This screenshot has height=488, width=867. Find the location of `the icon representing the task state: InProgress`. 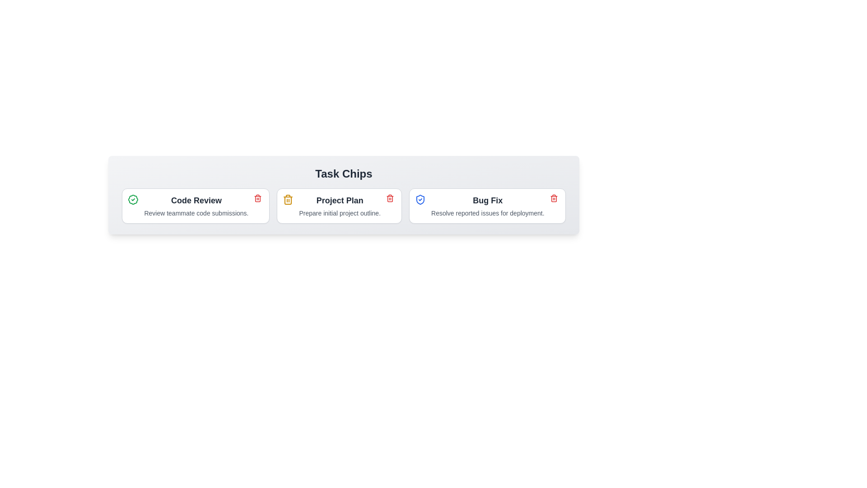

the icon representing the task state: InProgress is located at coordinates (420, 199).